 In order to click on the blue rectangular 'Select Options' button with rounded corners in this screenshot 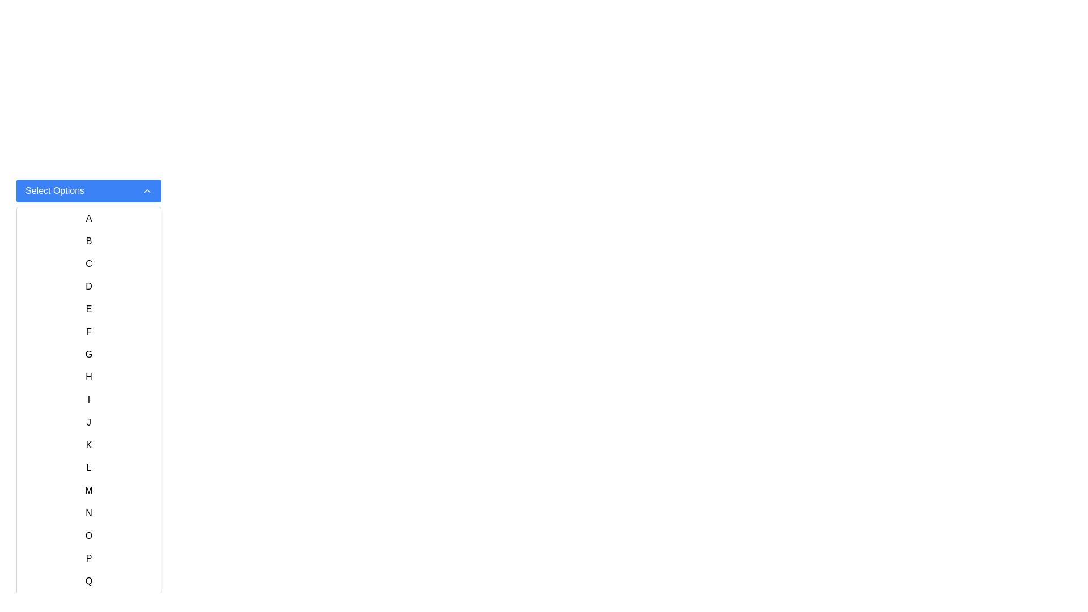, I will do `click(88, 190)`.